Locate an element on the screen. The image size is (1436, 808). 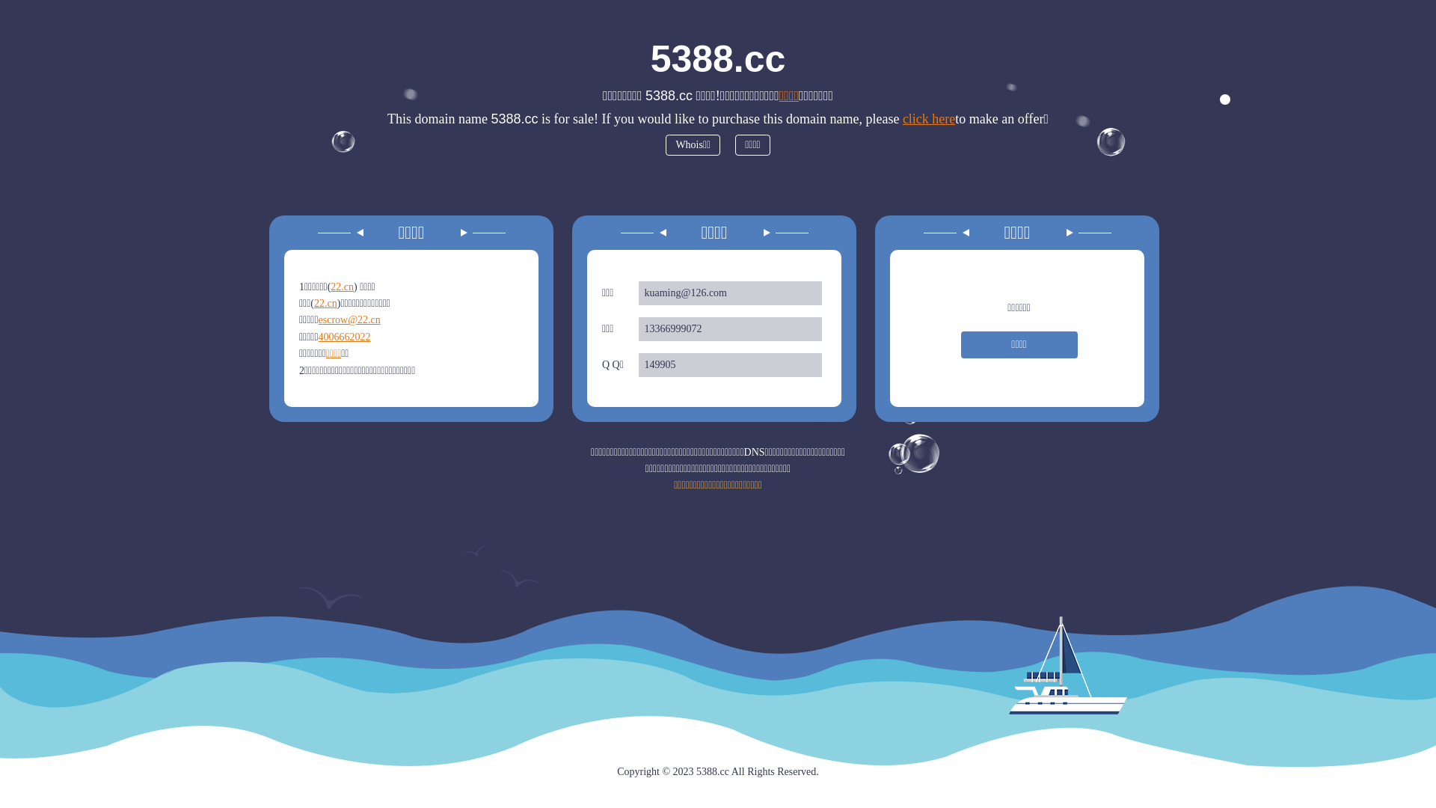
'22.cn' is located at coordinates (341, 287).